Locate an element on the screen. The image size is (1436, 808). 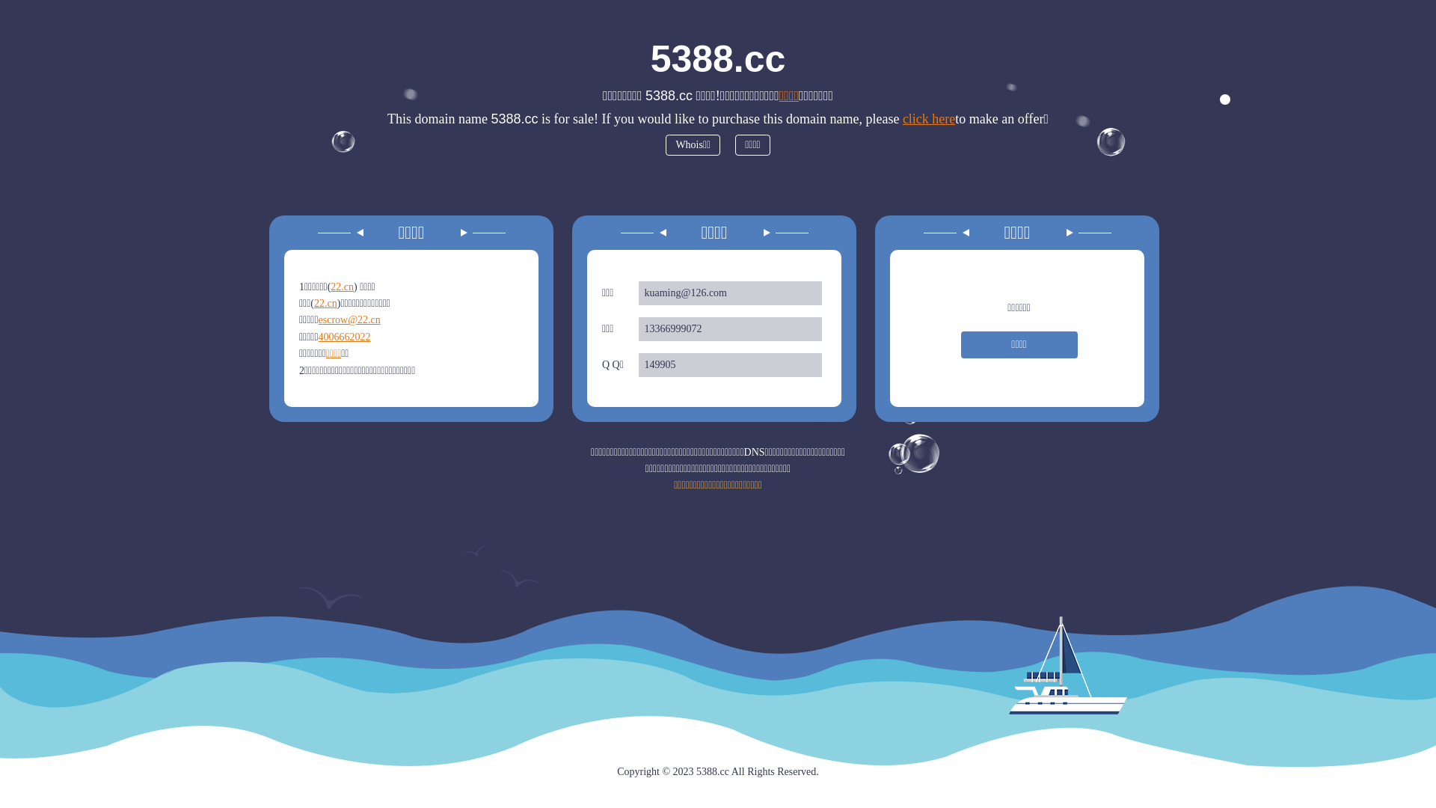
'22.cn' is located at coordinates (341, 287).